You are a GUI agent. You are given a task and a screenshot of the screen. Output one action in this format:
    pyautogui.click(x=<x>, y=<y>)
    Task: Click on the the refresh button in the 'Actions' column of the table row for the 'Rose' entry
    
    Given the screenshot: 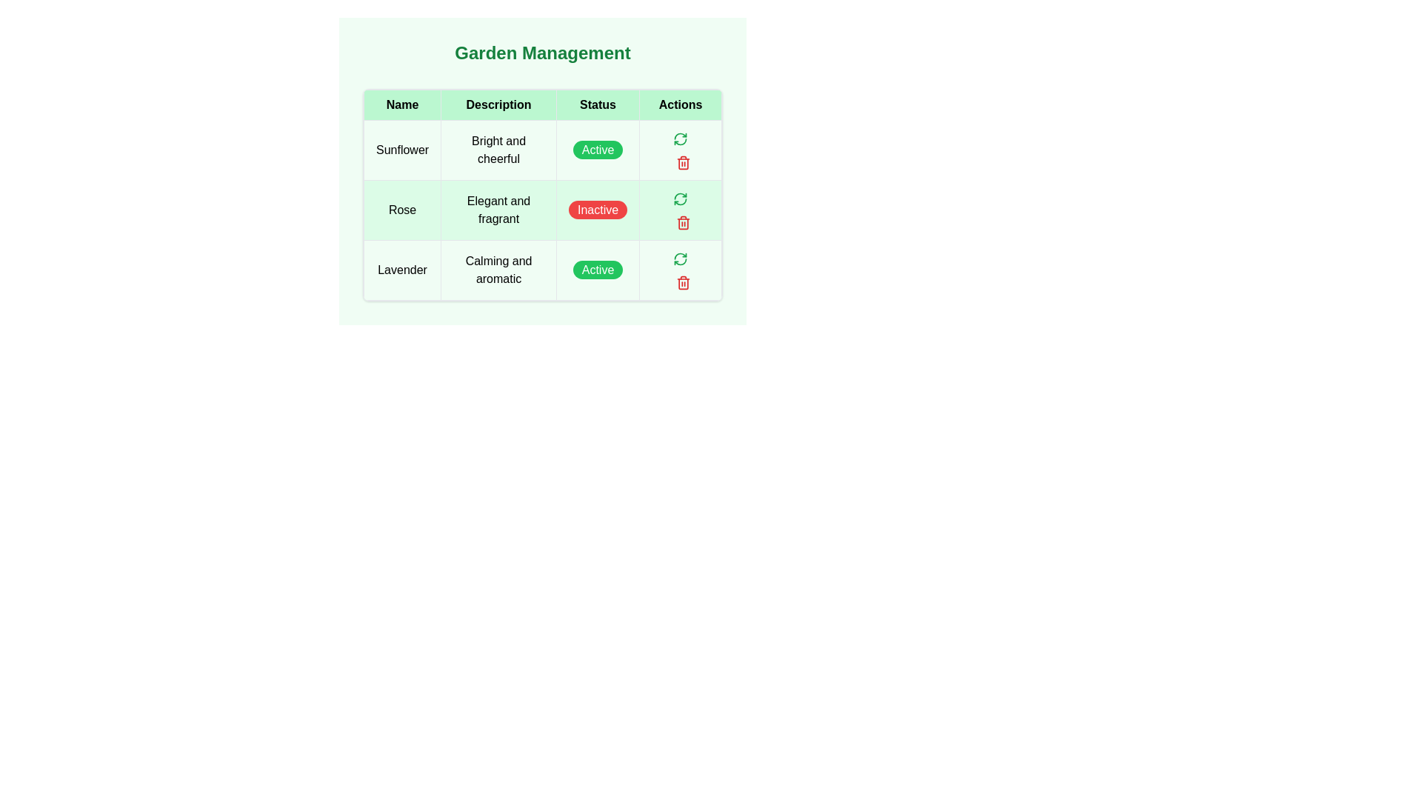 What is the action you would take?
    pyautogui.click(x=680, y=197)
    